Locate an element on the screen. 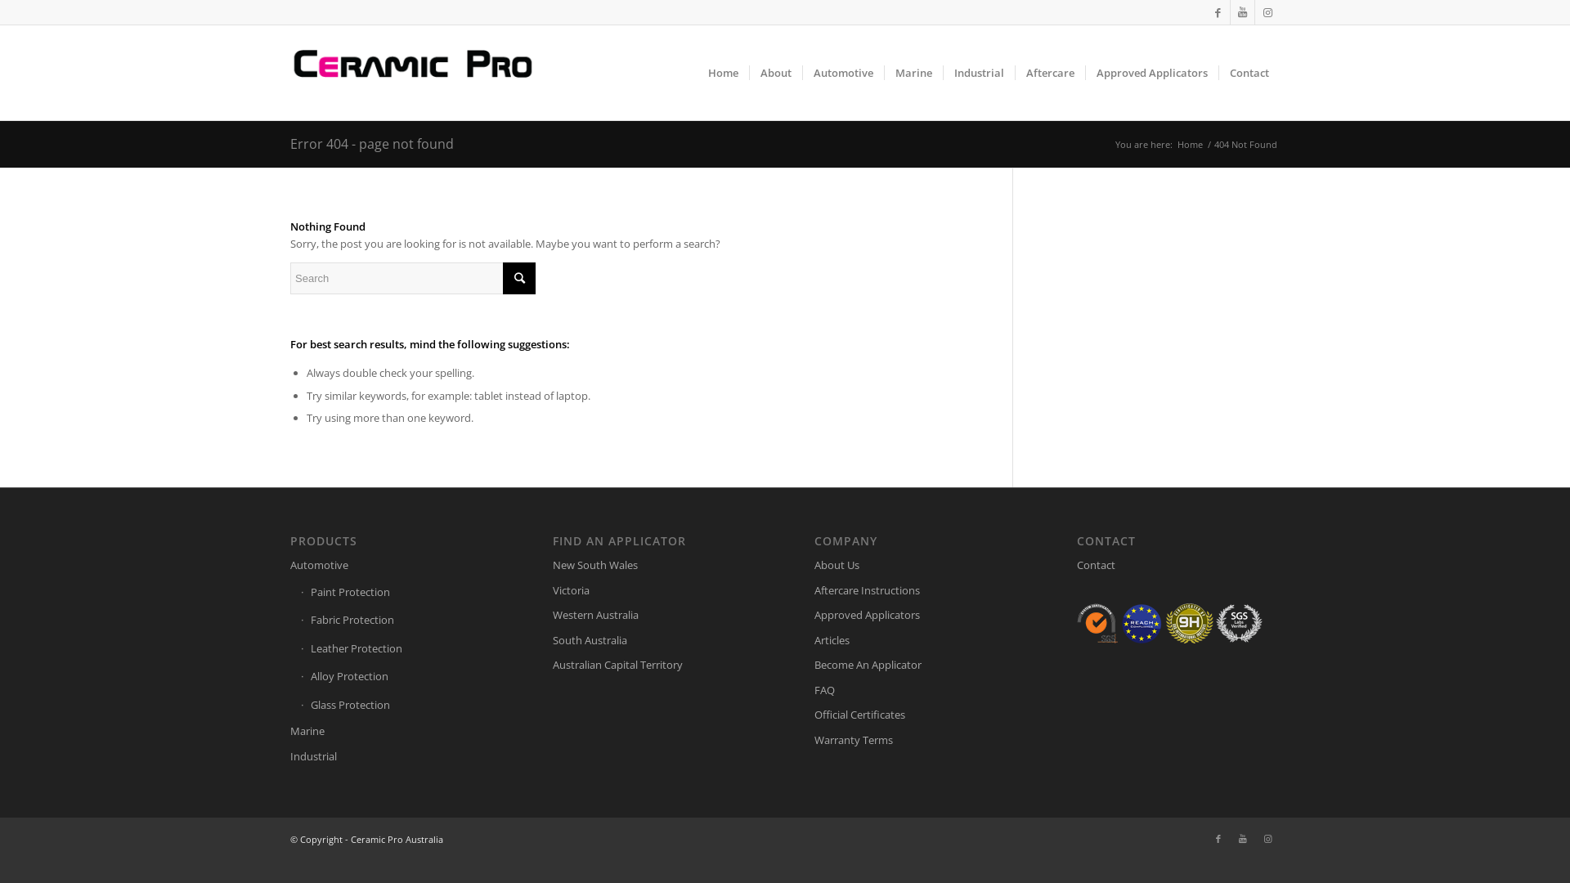 This screenshot has height=883, width=1570. 'Leather Protection' is located at coordinates (301, 648).